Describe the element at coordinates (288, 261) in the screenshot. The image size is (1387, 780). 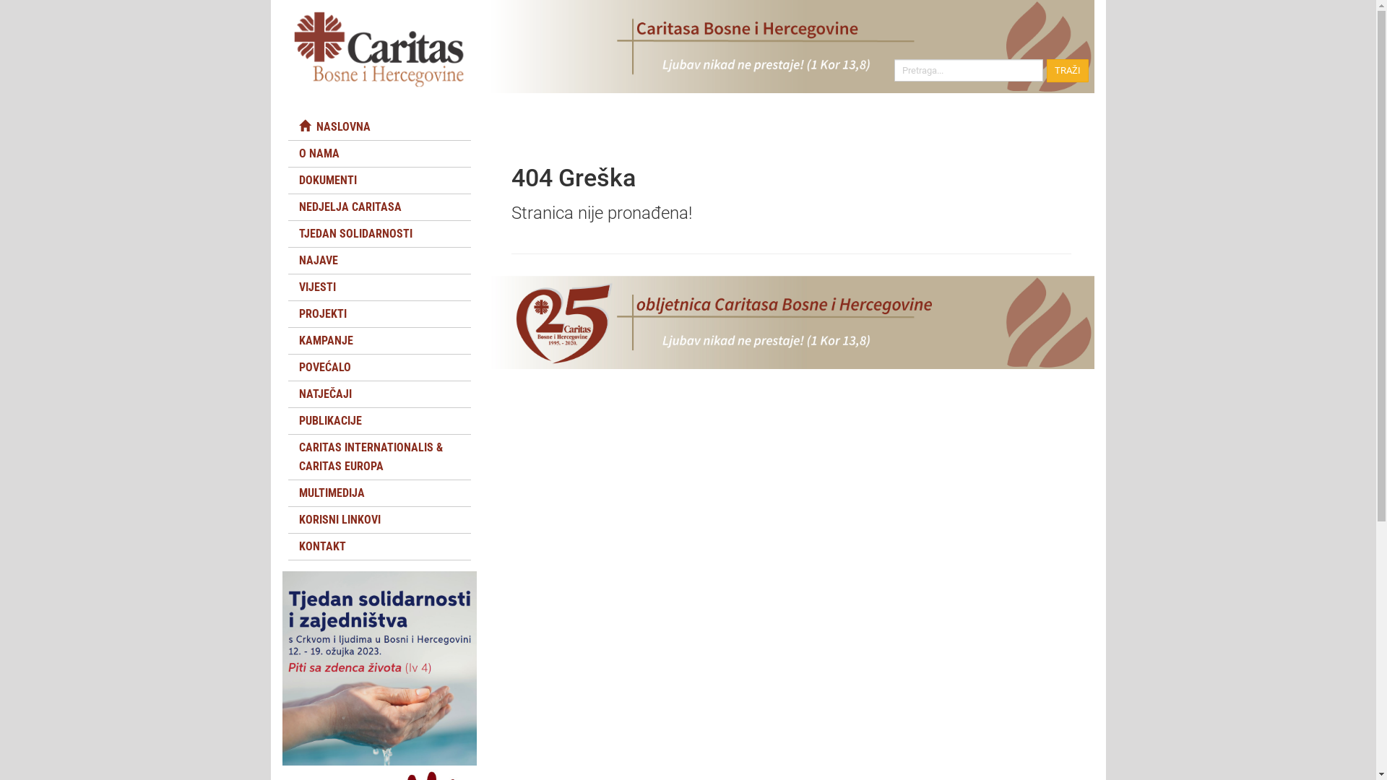
I see `'NAJAVE'` at that location.